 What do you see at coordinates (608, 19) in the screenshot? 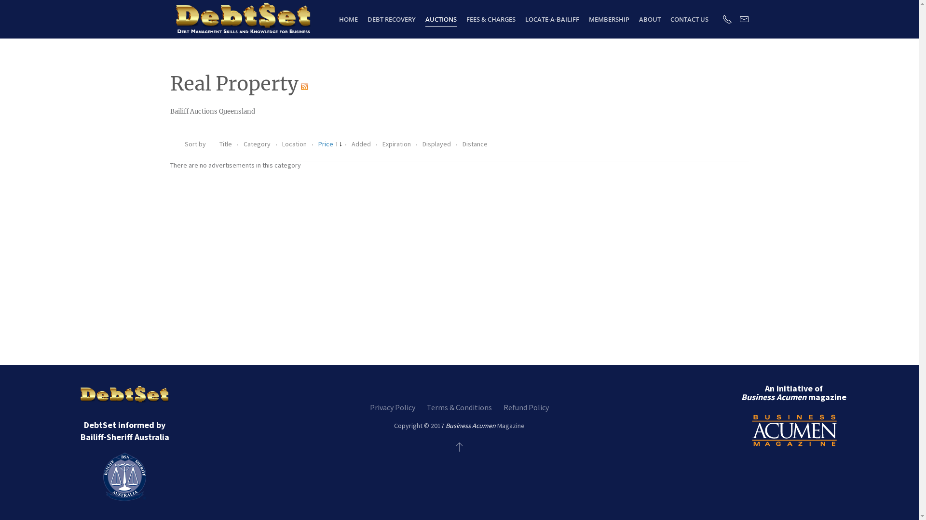
I see `'MEMBERSHIP'` at bounding box center [608, 19].